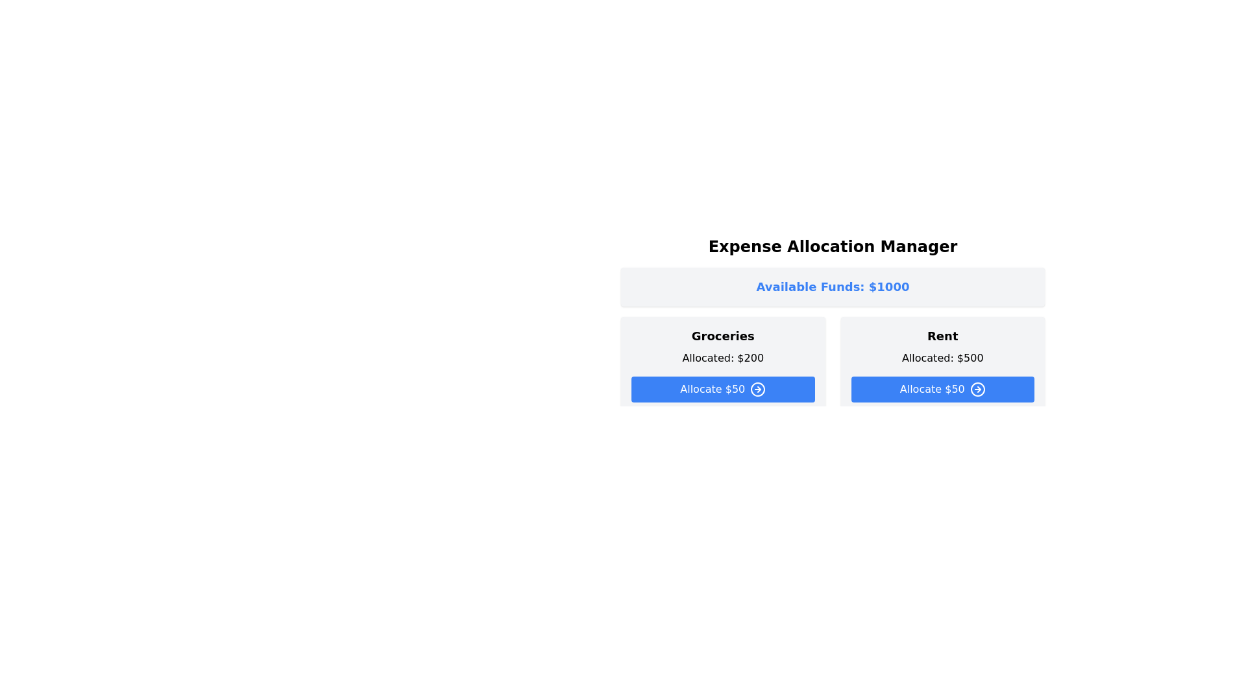  Describe the element at coordinates (977, 389) in the screenshot. I see `the circular arrow icon located inside the blue 'Allocate $50' button, which is positioned in the rightmost section of a two-column layout, directly related to the 'Rent' section above it` at that location.